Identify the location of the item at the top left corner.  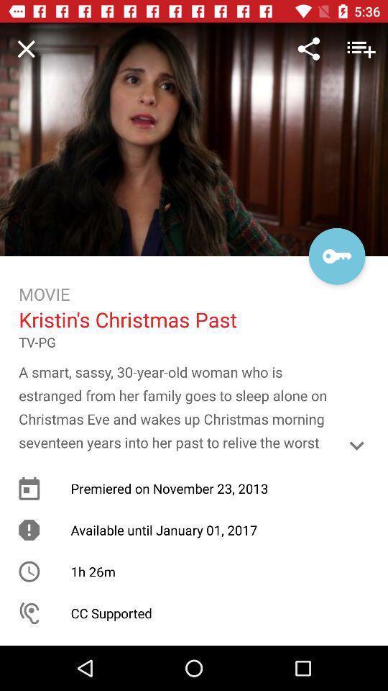
(26, 48).